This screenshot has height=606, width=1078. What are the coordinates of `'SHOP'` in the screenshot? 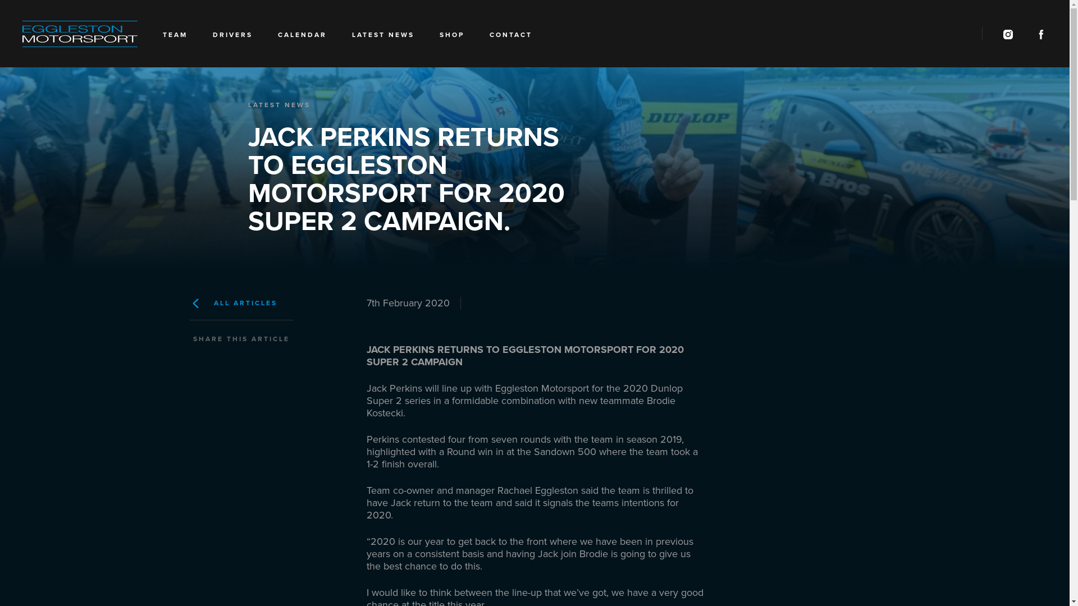 It's located at (452, 37).